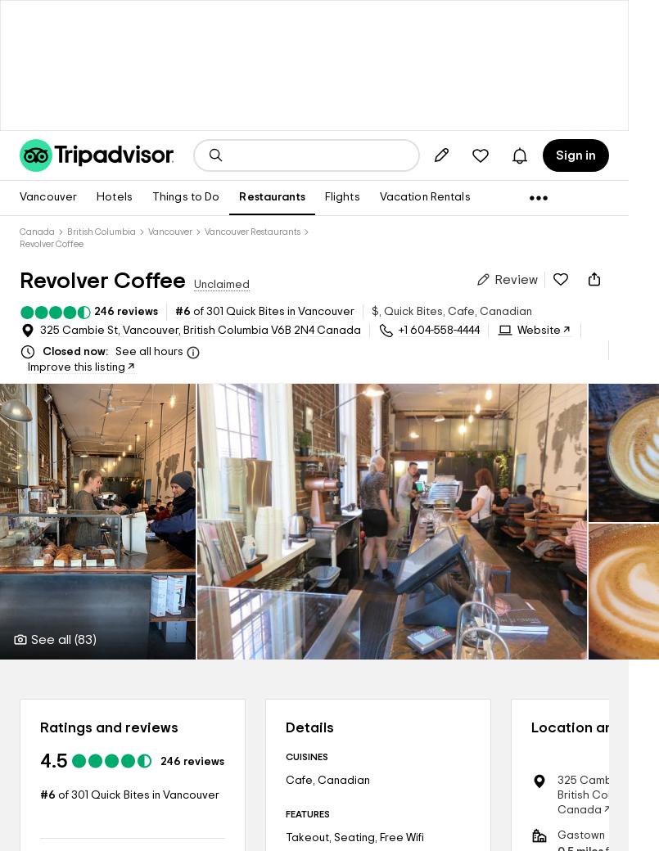  What do you see at coordinates (40, 331) in the screenshot?
I see `'325 Cambie St, Vancouver, British Columbia V6B 2N4 Canada'` at bounding box center [40, 331].